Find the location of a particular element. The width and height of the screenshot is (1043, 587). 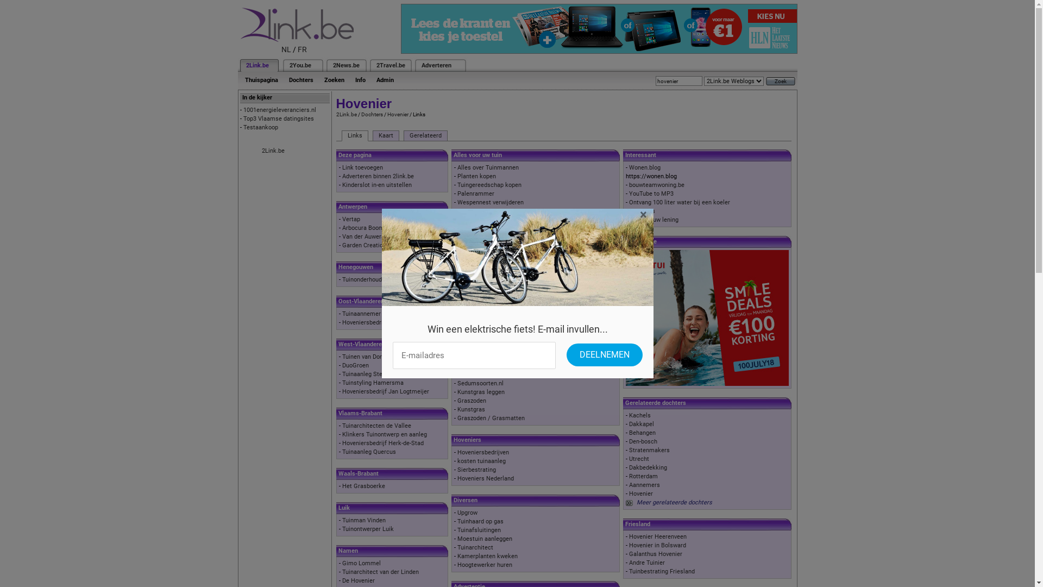

'Rotterdam' is located at coordinates (643, 476).